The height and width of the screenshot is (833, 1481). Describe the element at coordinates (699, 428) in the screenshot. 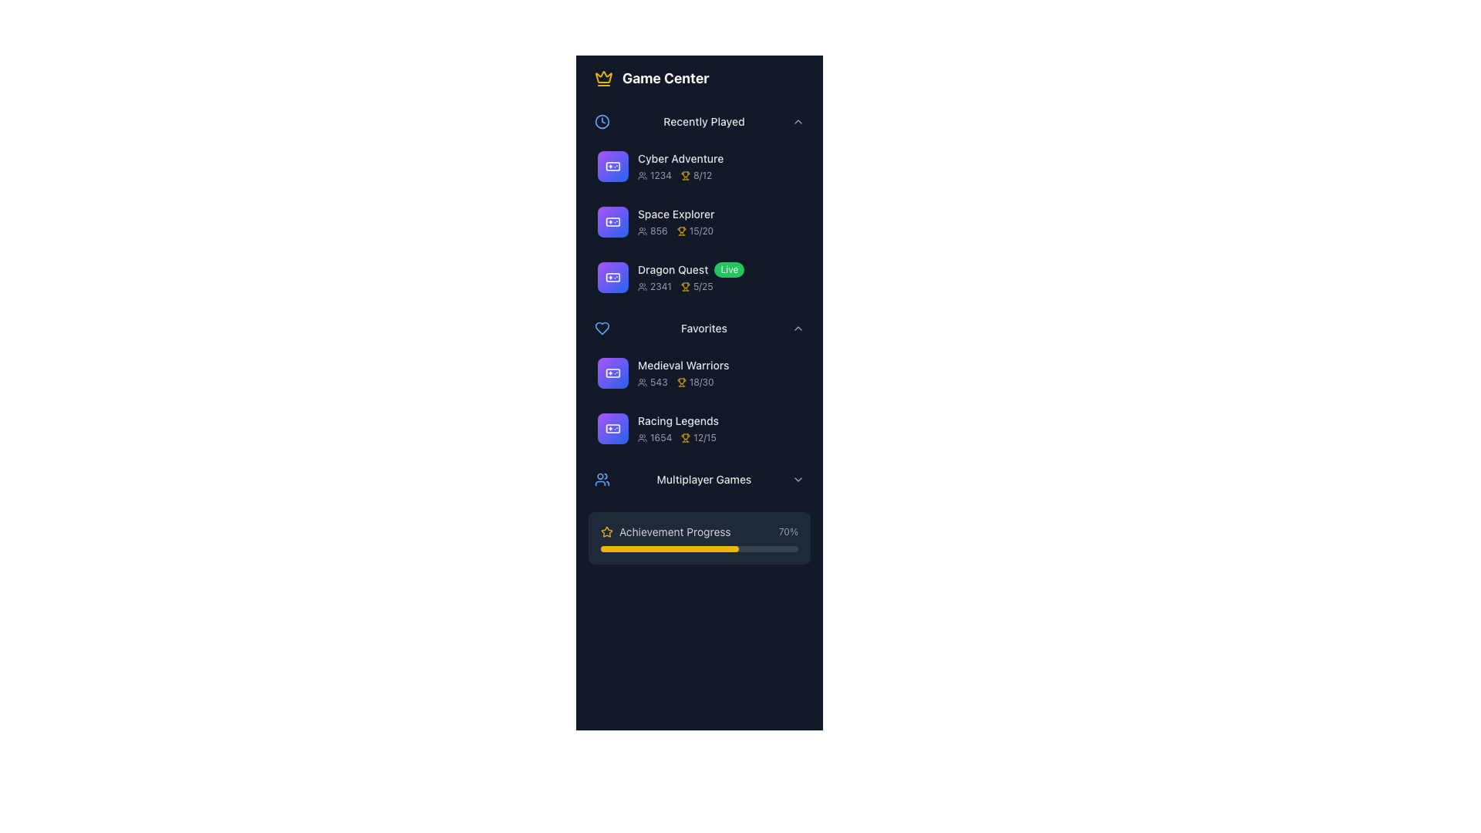

I see `the game entry list item displaying the title 'Racing Legends' with associated metadata, located under the 'Favorites' section` at that location.